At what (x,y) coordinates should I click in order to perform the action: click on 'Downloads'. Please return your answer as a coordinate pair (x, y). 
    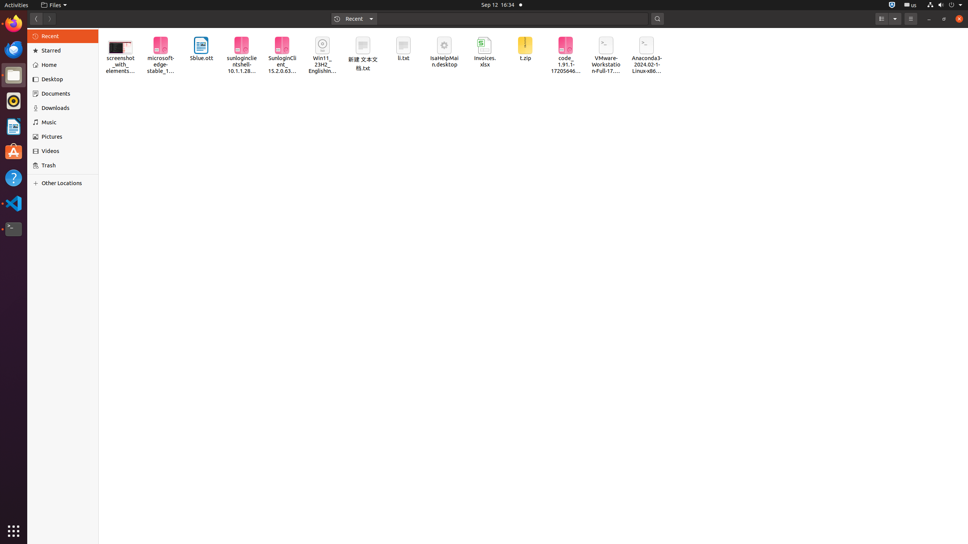
    Looking at the image, I should click on (67, 107).